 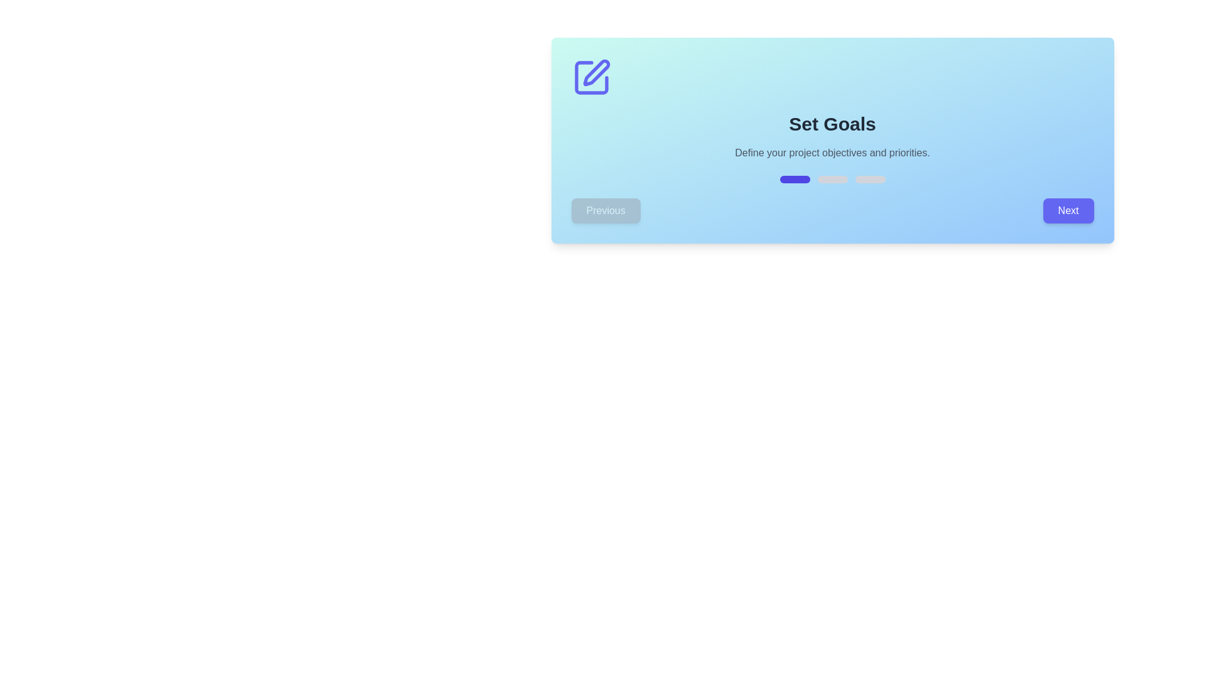 I want to click on the Previous button to navigate, so click(x=606, y=210).